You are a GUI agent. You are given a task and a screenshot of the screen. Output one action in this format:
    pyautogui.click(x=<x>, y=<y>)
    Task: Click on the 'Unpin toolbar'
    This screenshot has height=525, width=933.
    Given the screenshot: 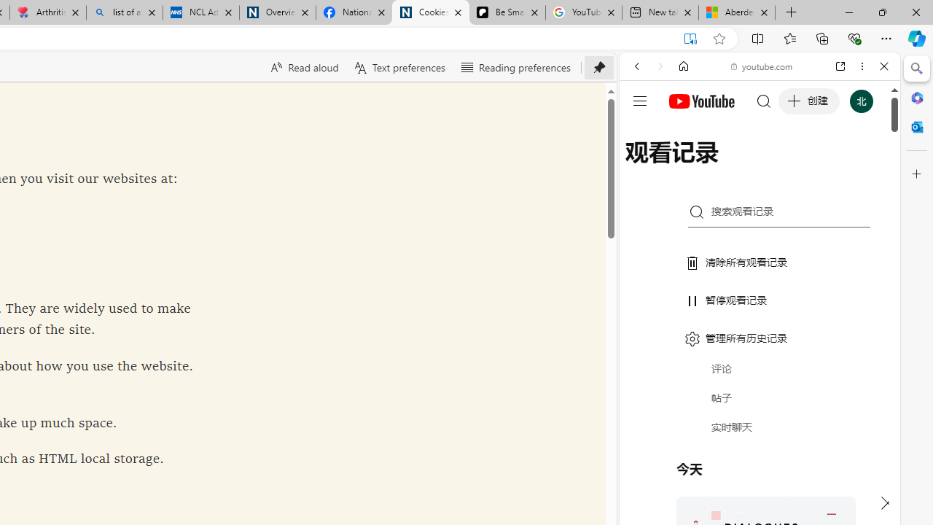 What is the action you would take?
    pyautogui.click(x=598, y=67)
    